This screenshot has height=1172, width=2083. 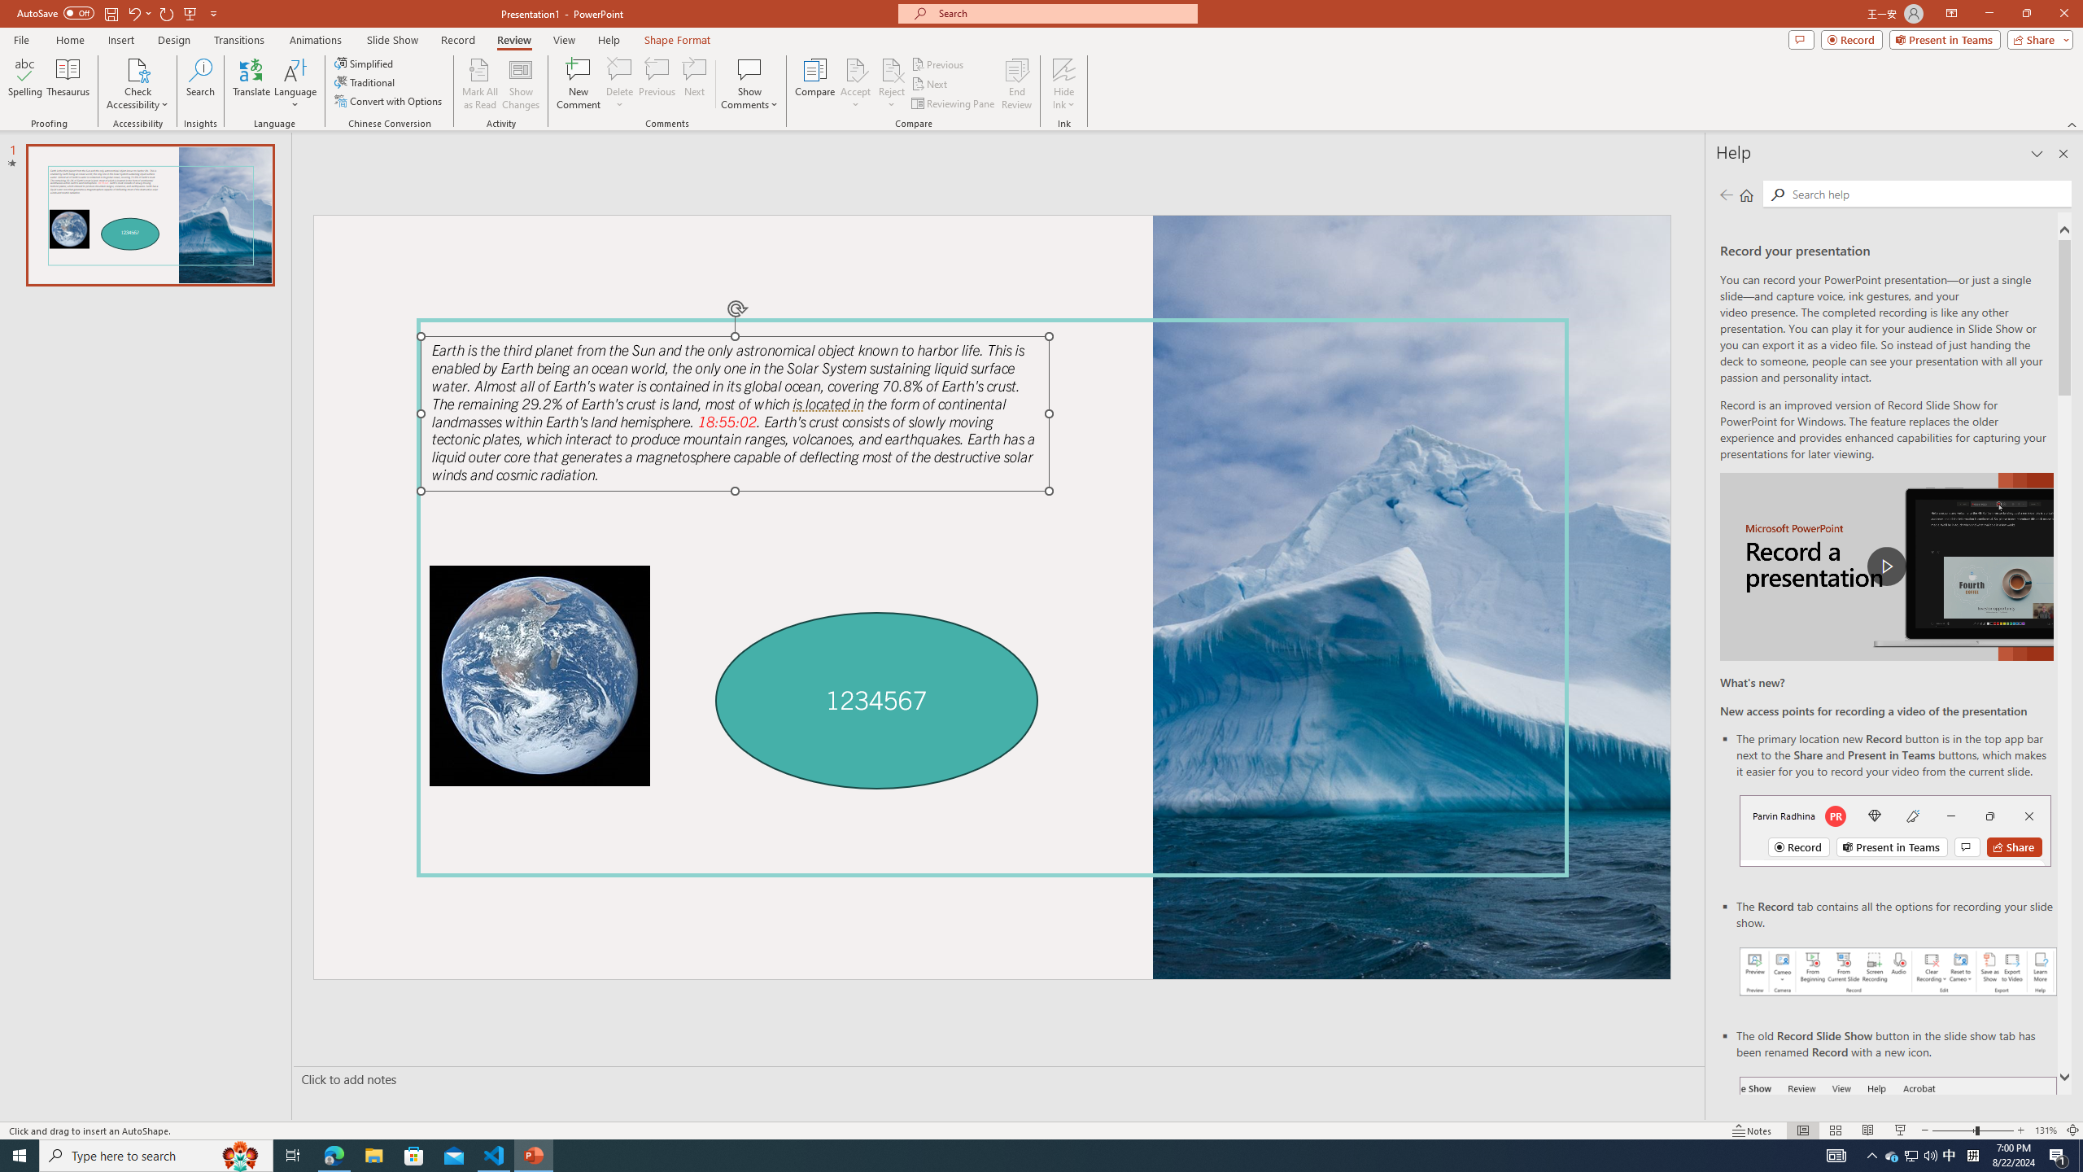 What do you see at coordinates (251, 84) in the screenshot?
I see `'Translate'` at bounding box center [251, 84].